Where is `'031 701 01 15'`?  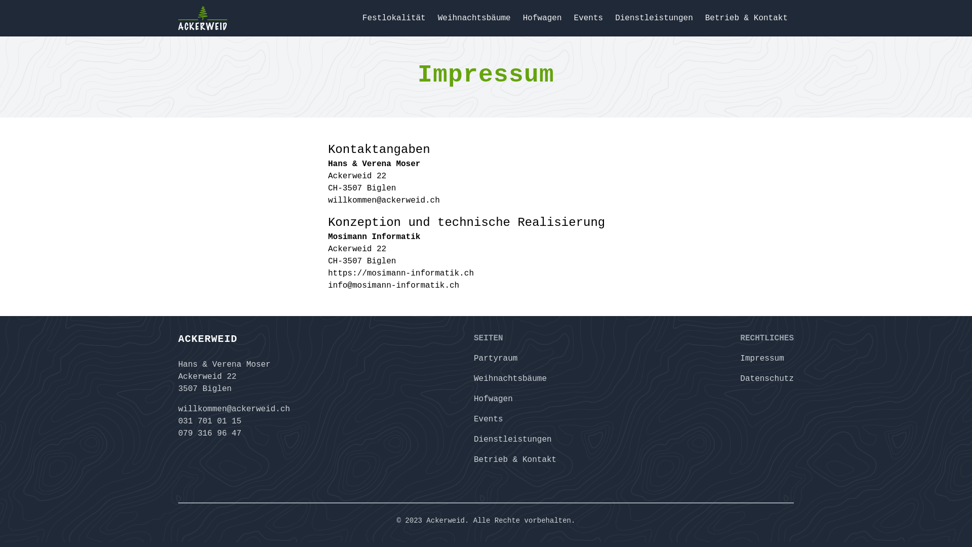 '031 701 01 15' is located at coordinates (178, 421).